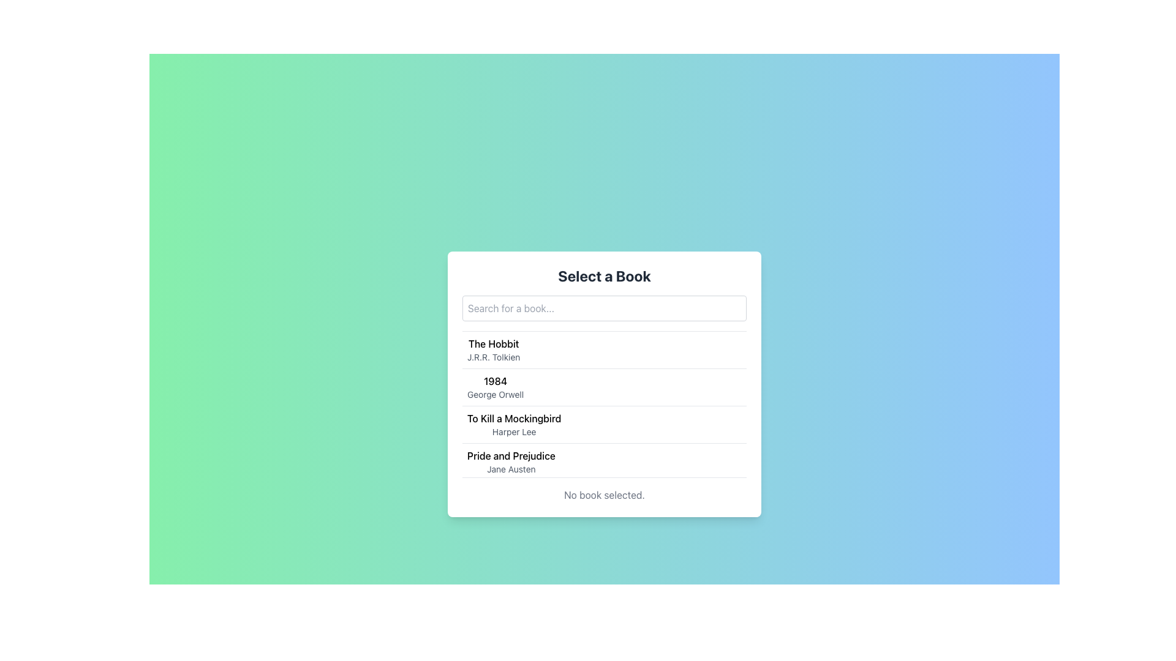 The image size is (1176, 661). I want to click on the list item displaying '1984' by George Orwell, which is the second item in the book selection interface, so click(605, 384).